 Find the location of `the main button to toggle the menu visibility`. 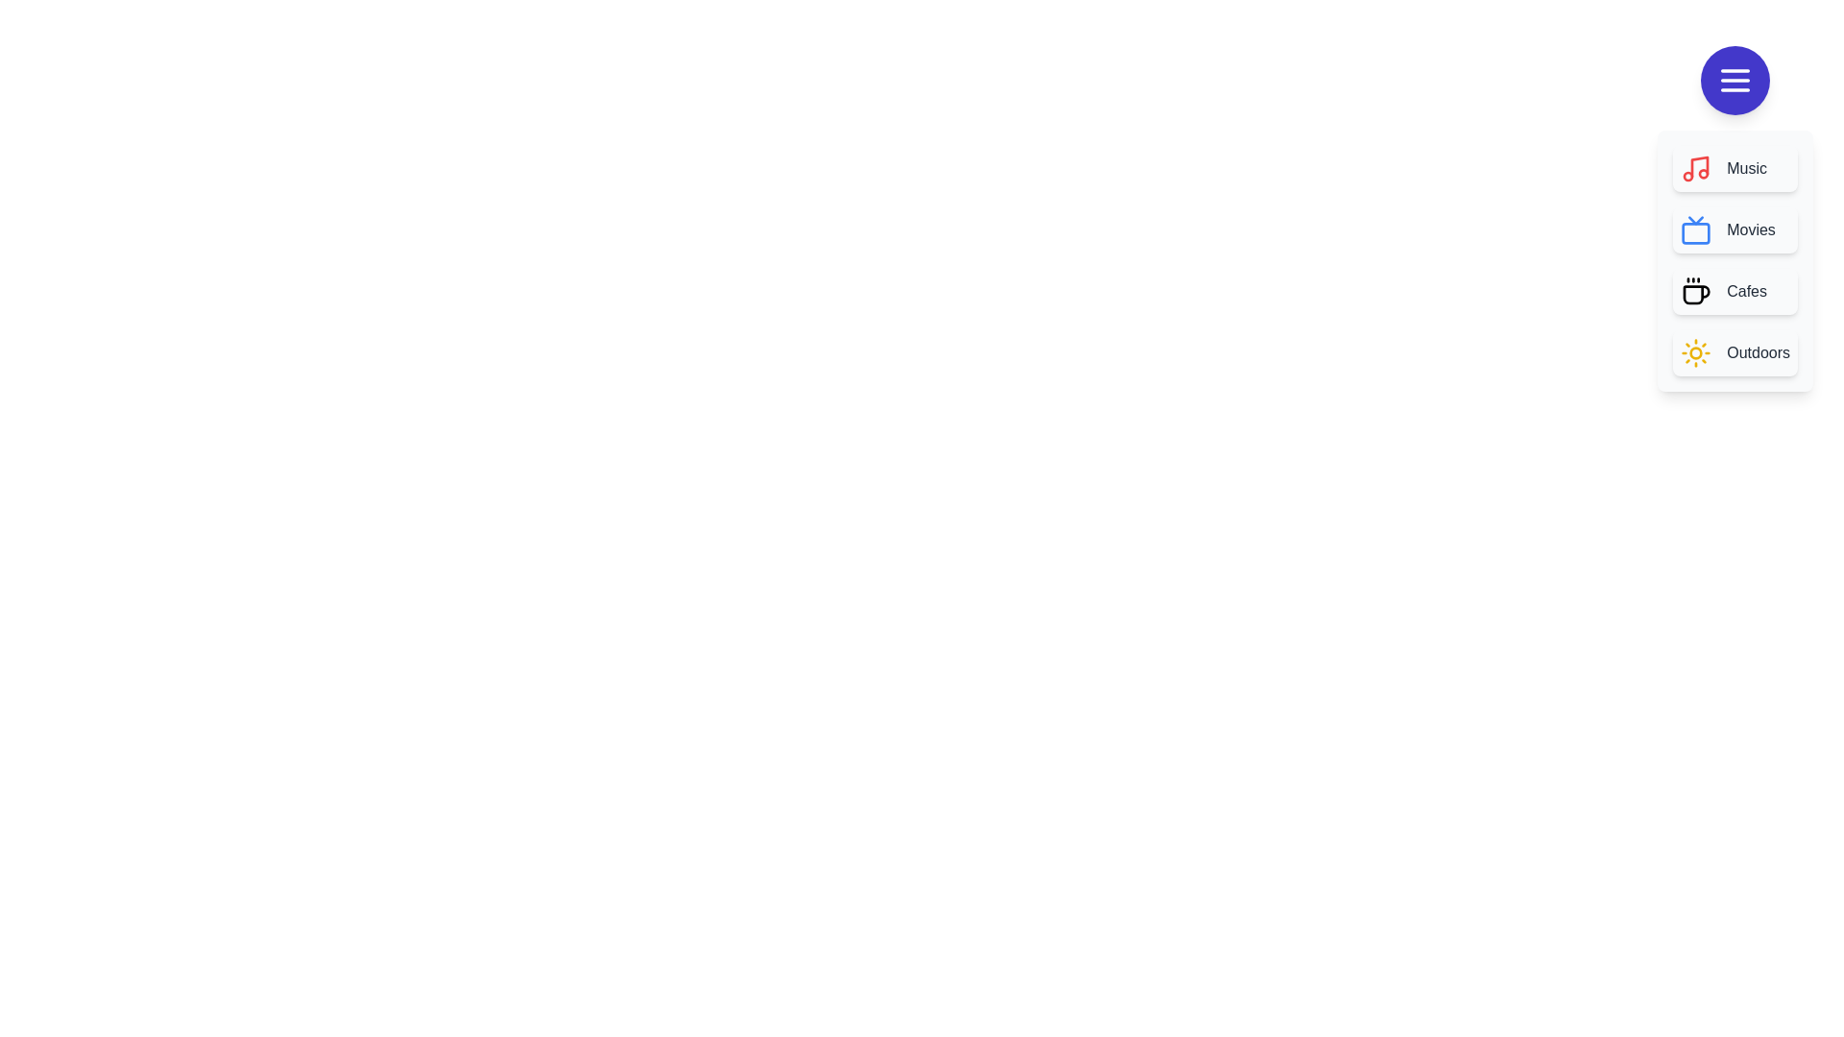

the main button to toggle the menu visibility is located at coordinates (1735, 80).